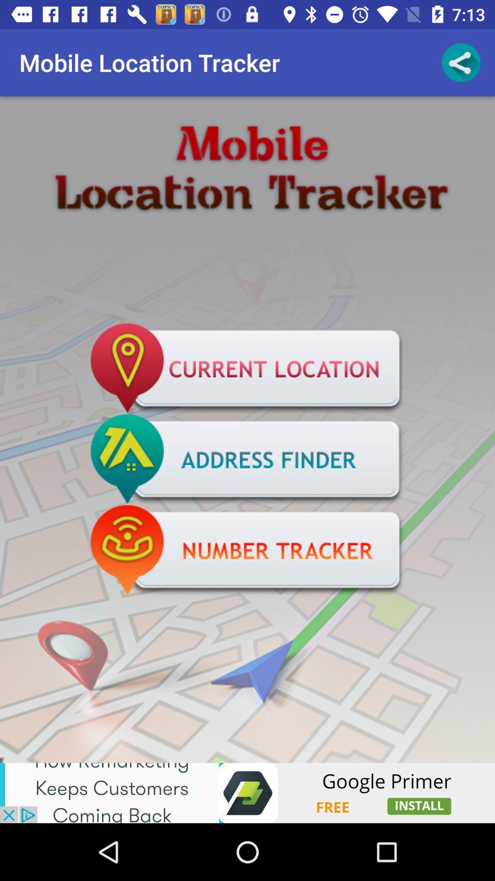  I want to click on show my current location, so click(247, 369).